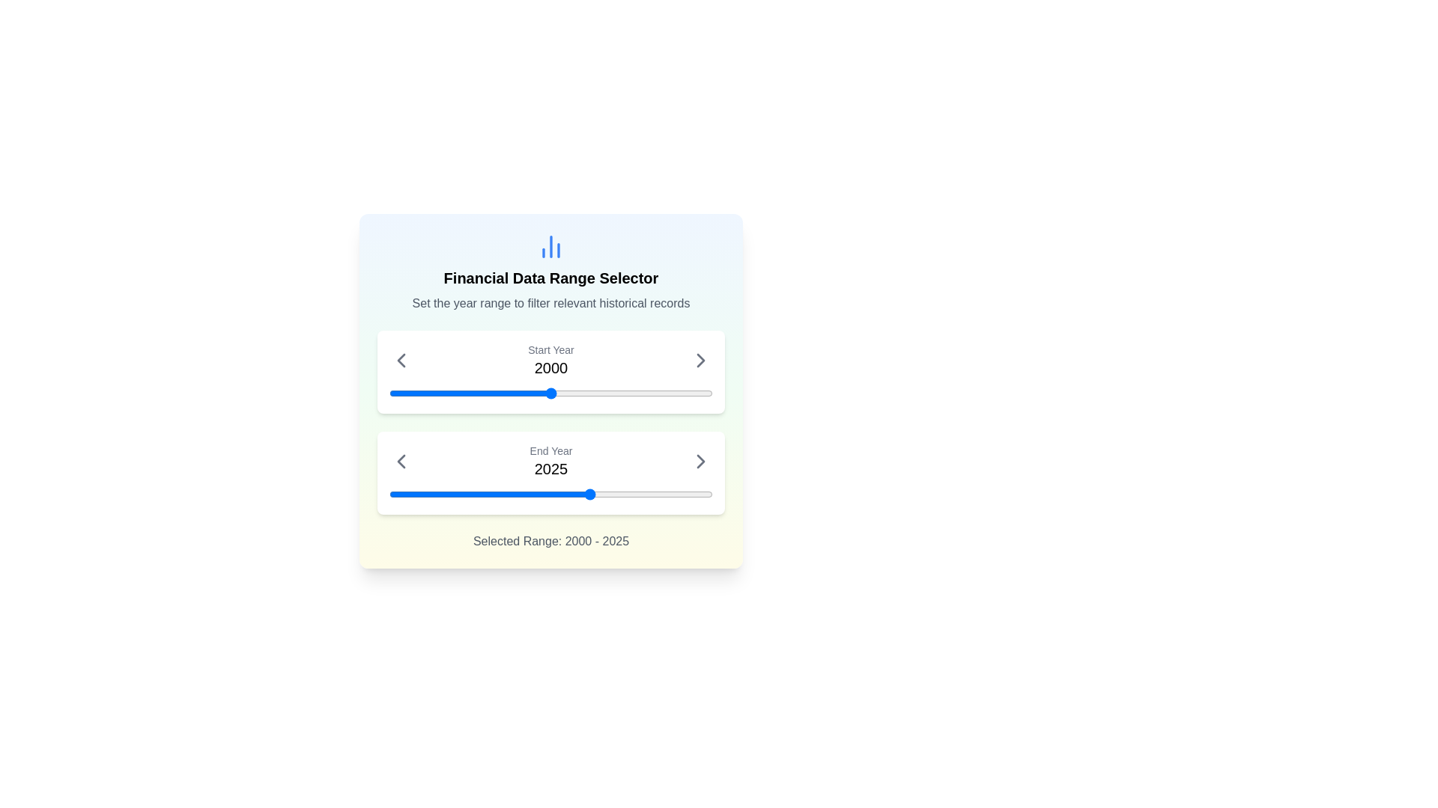  Describe the element at coordinates (431, 494) in the screenshot. I see `the year` at that location.